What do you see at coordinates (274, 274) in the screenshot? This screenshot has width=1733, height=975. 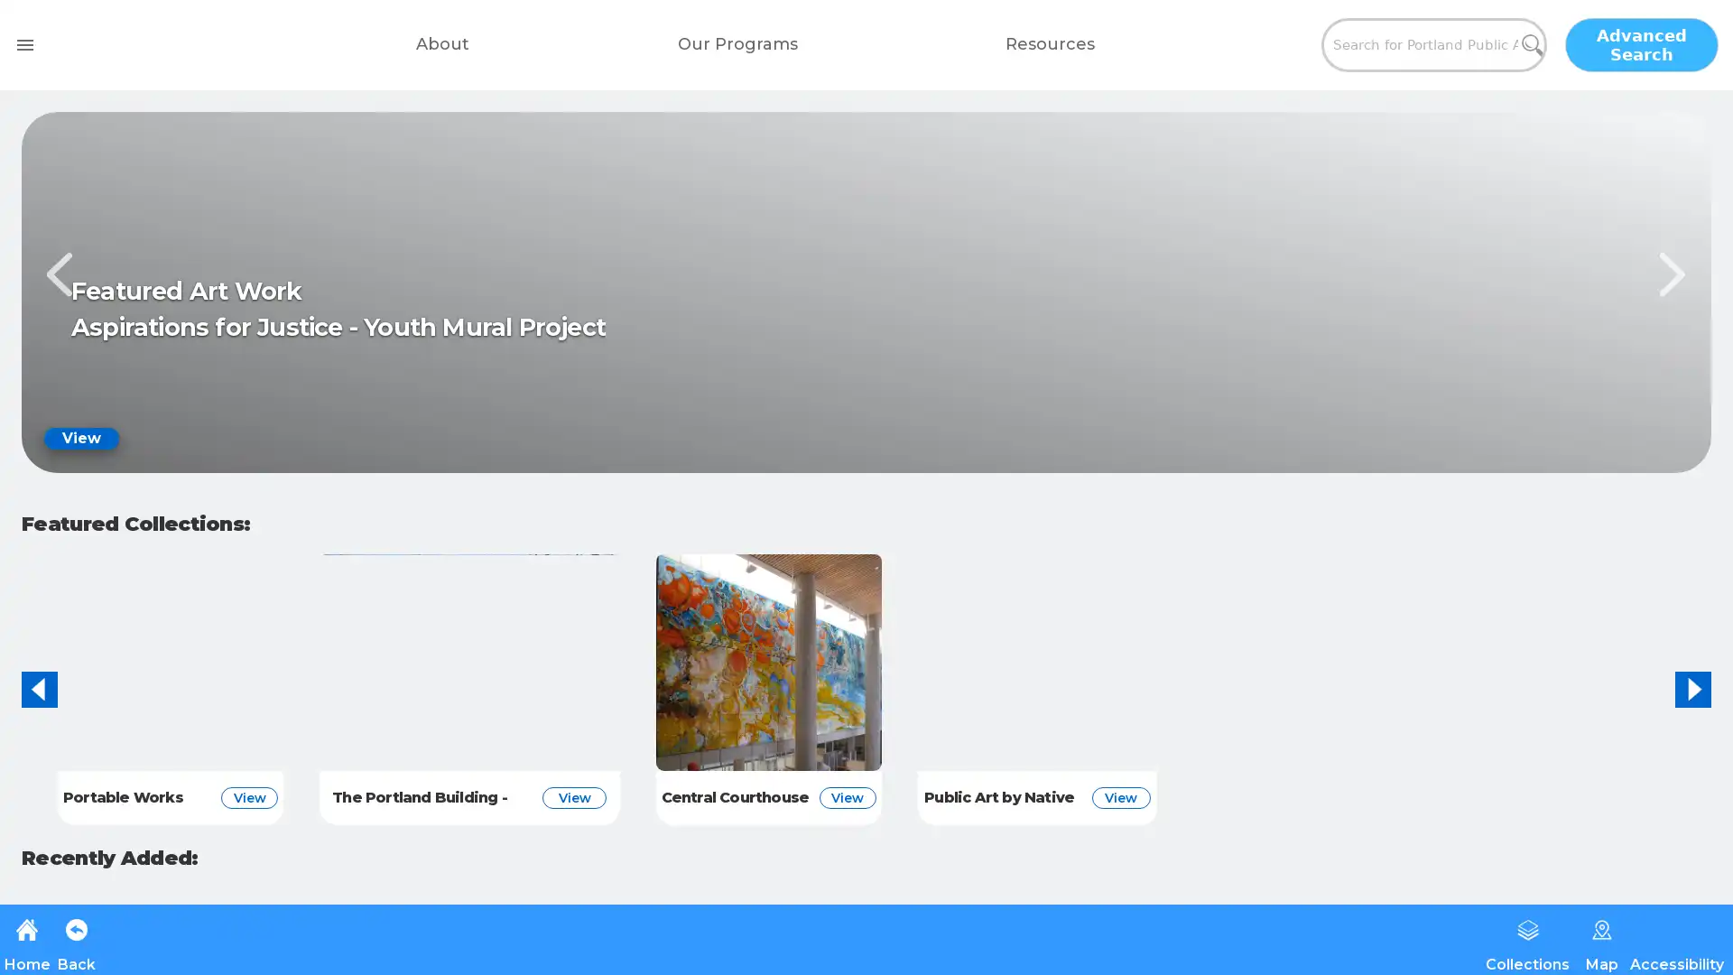 I see `Previous` at bounding box center [274, 274].